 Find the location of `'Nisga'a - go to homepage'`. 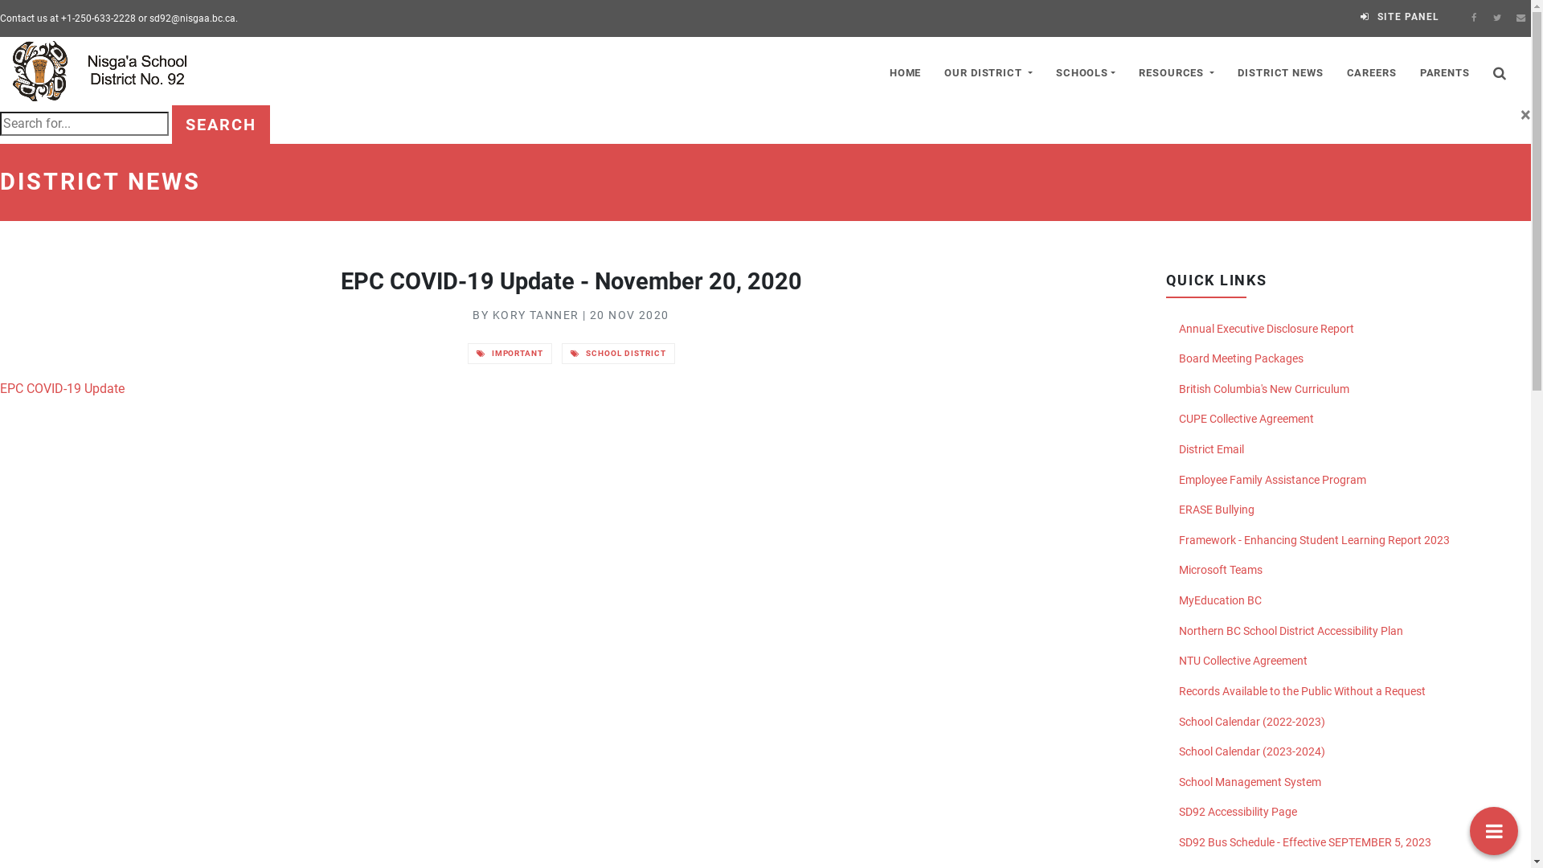

'Nisga'a - go to homepage' is located at coordinates (108, 70).